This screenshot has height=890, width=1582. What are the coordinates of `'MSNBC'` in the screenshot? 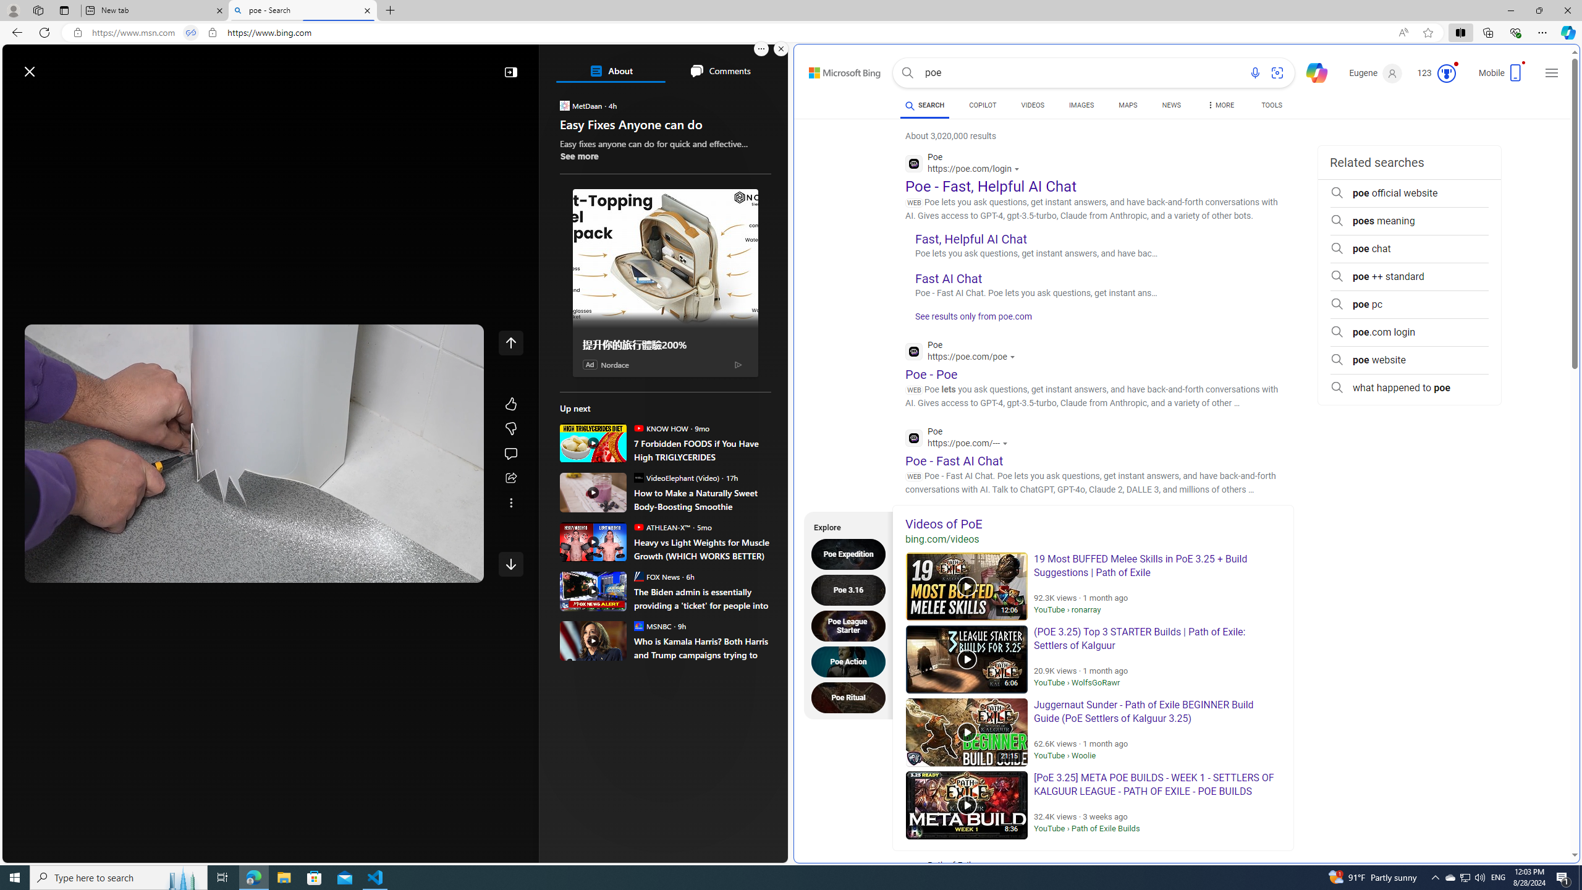 It's located at (637, 625).